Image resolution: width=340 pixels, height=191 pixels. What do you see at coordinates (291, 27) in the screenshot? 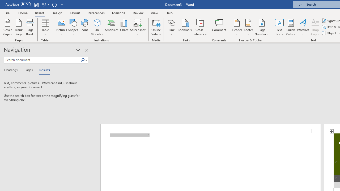
I see `'Quick Parts'` at bounding box center [291, 27].